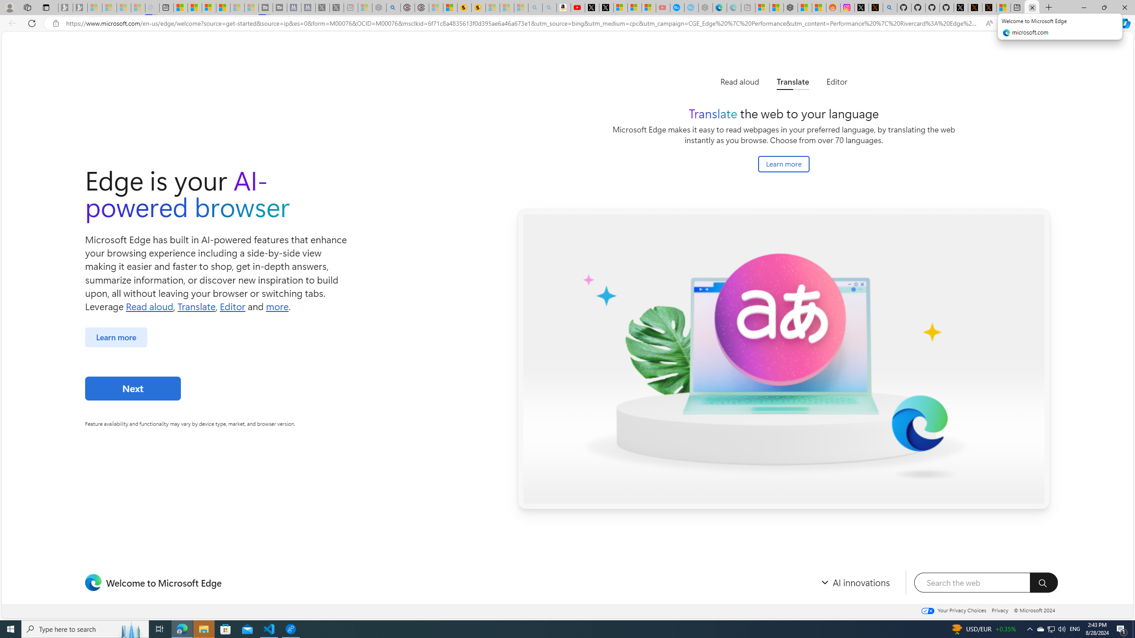 The width and height of the screenshot is (1135, 638). I want to click on 'Gloom - YouTube - Sleeping', so click(663, 7).